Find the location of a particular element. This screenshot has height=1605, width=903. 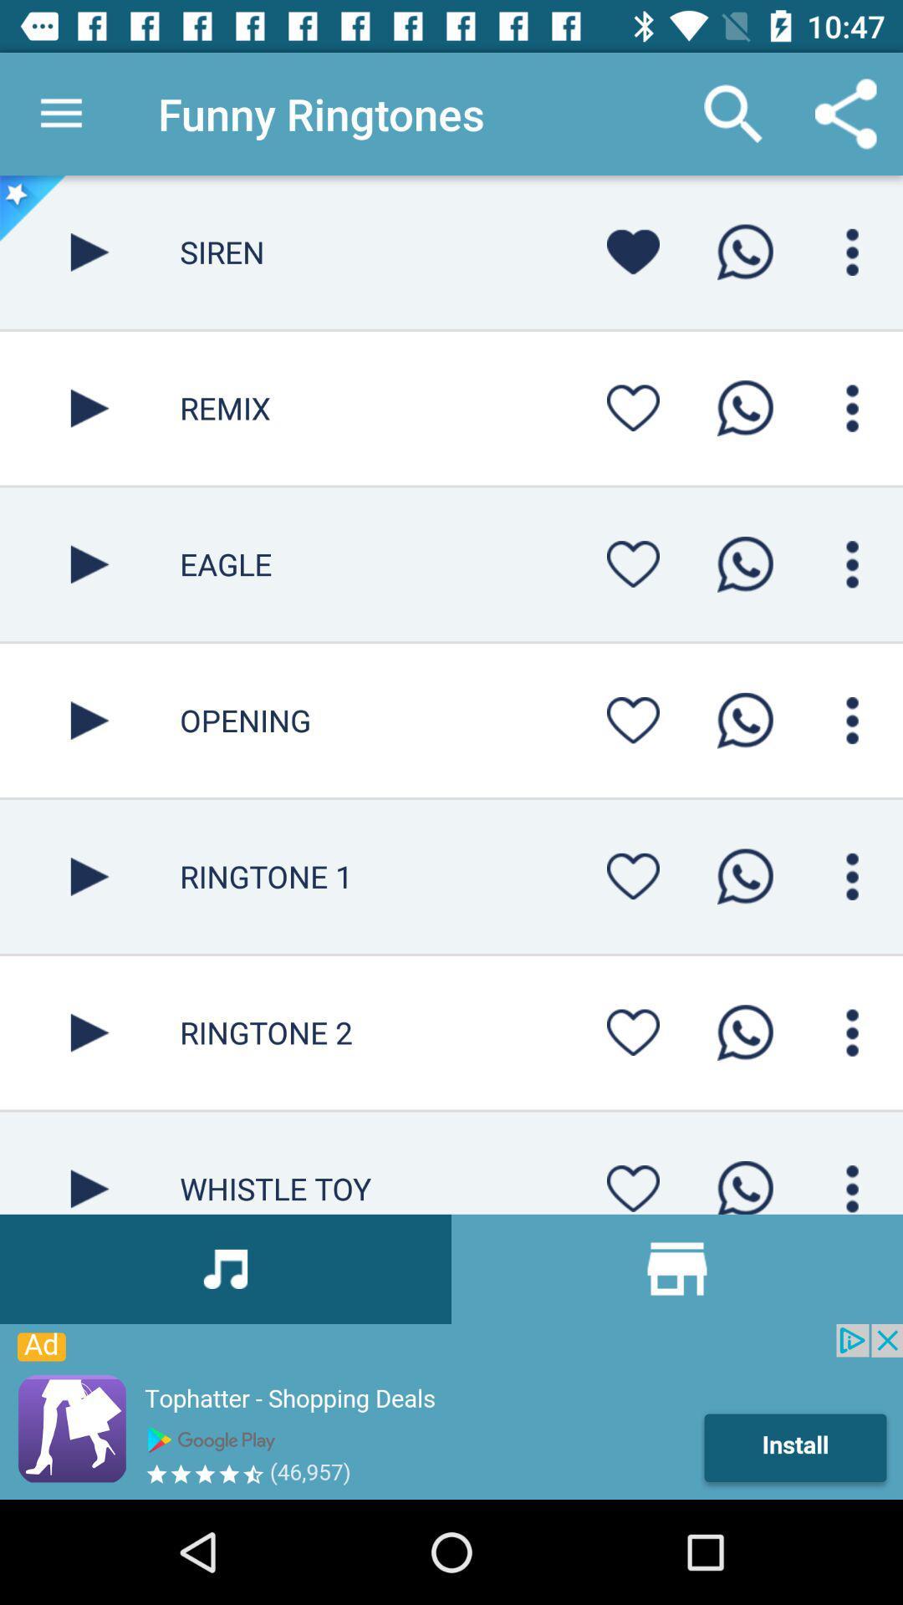

ringtone is located at coordinates (744, 1181).